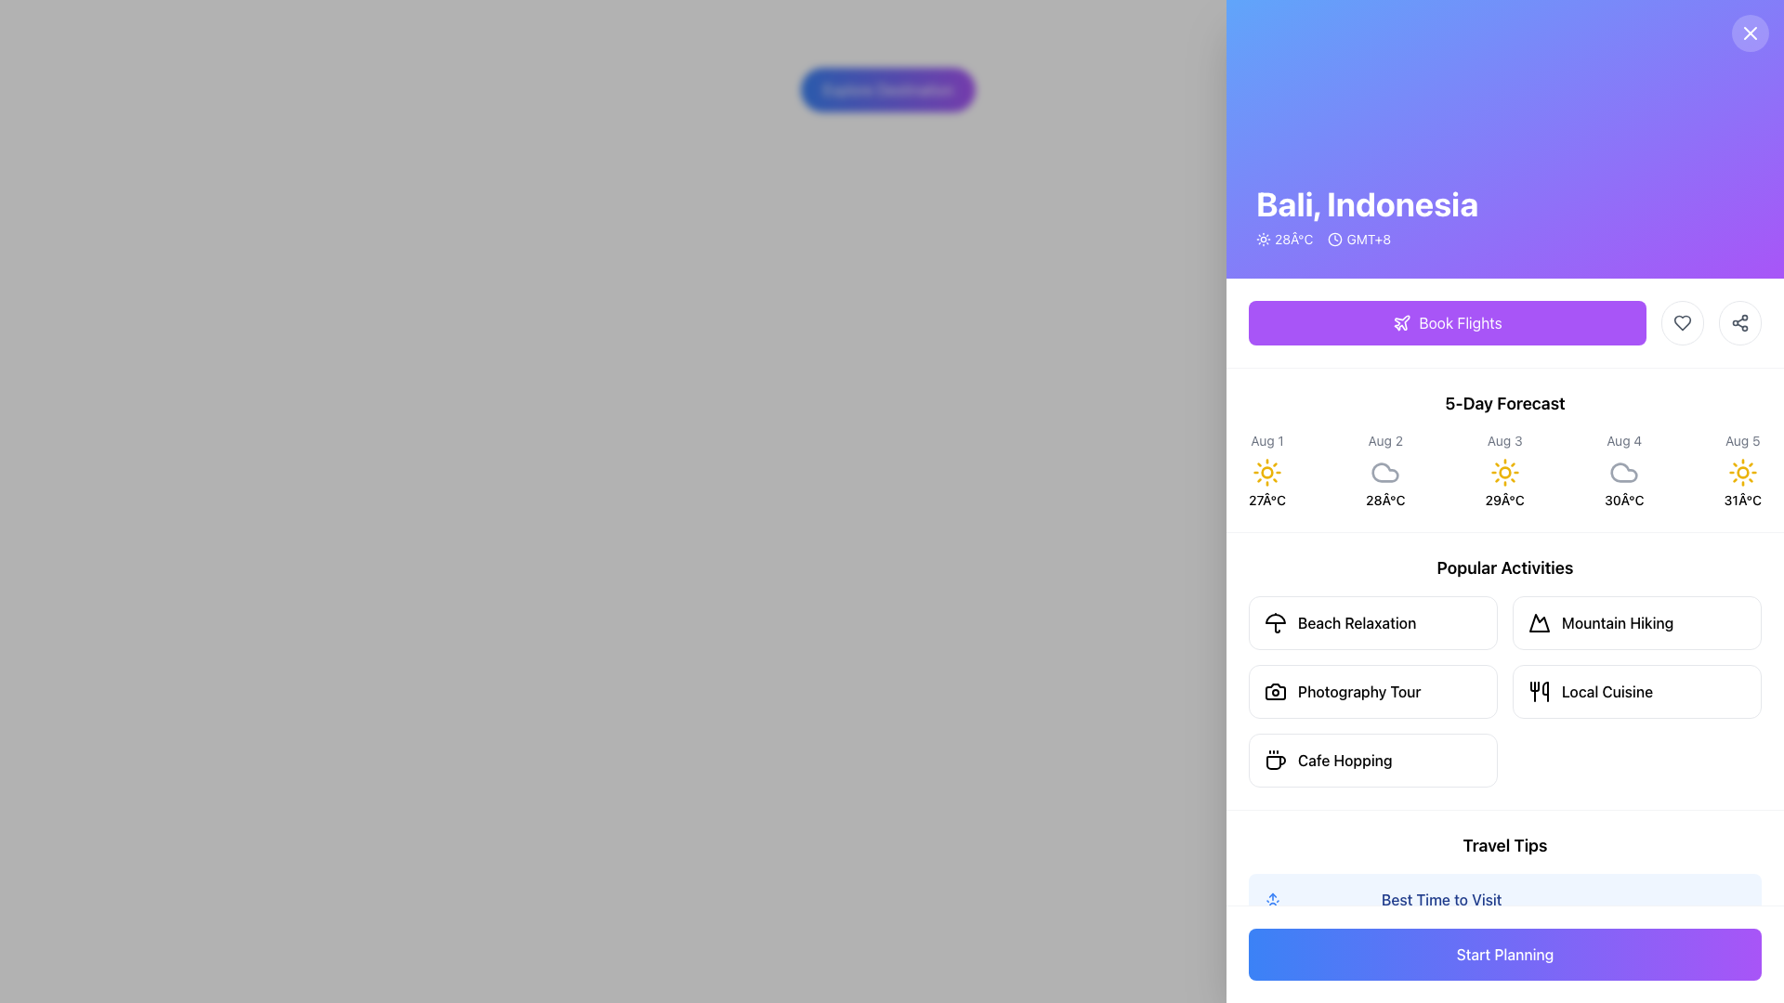  I want to click on the button in the 'Popular Activities' grid that selects the 'Cafe Hopping' activity, so click(1373, 760).